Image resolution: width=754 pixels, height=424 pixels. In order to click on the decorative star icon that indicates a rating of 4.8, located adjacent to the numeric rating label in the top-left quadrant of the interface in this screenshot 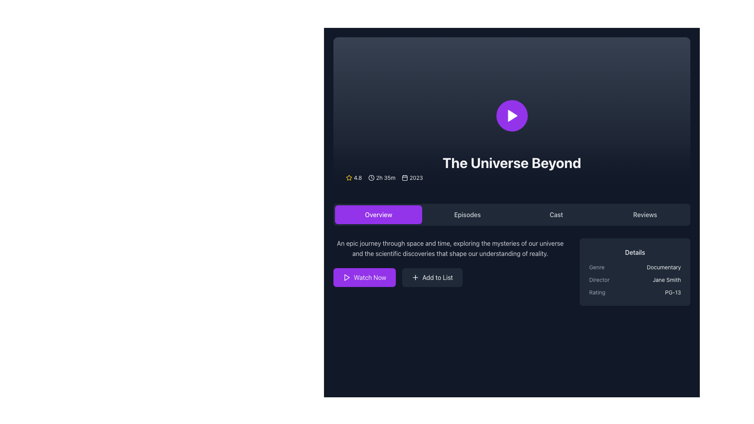, I will do `click(348, 177)`.